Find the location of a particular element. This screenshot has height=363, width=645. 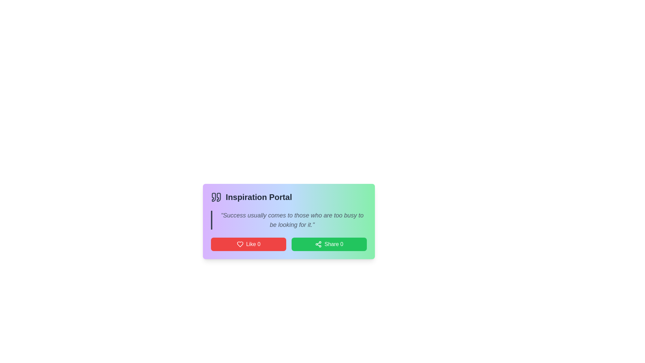

the heart icon located inside the 'Like 0' button at the bottom-left corner of the panel to like the content is located at coordinates (240, 244).